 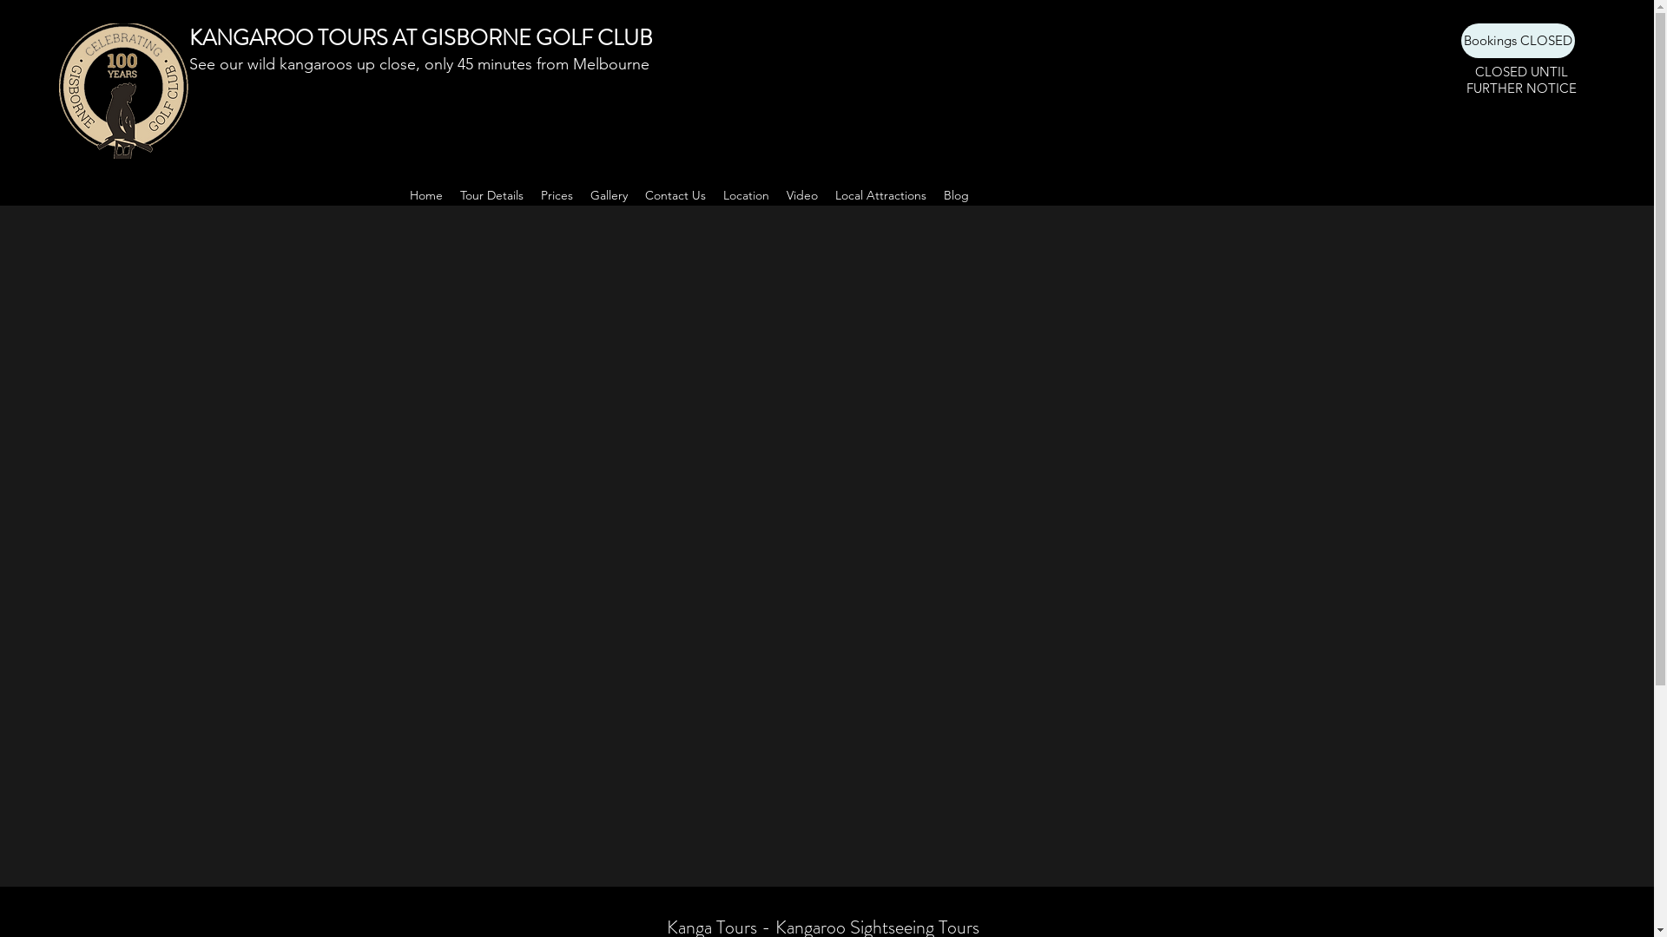 I want to click on 'Blog', so click(x=954, y=194).